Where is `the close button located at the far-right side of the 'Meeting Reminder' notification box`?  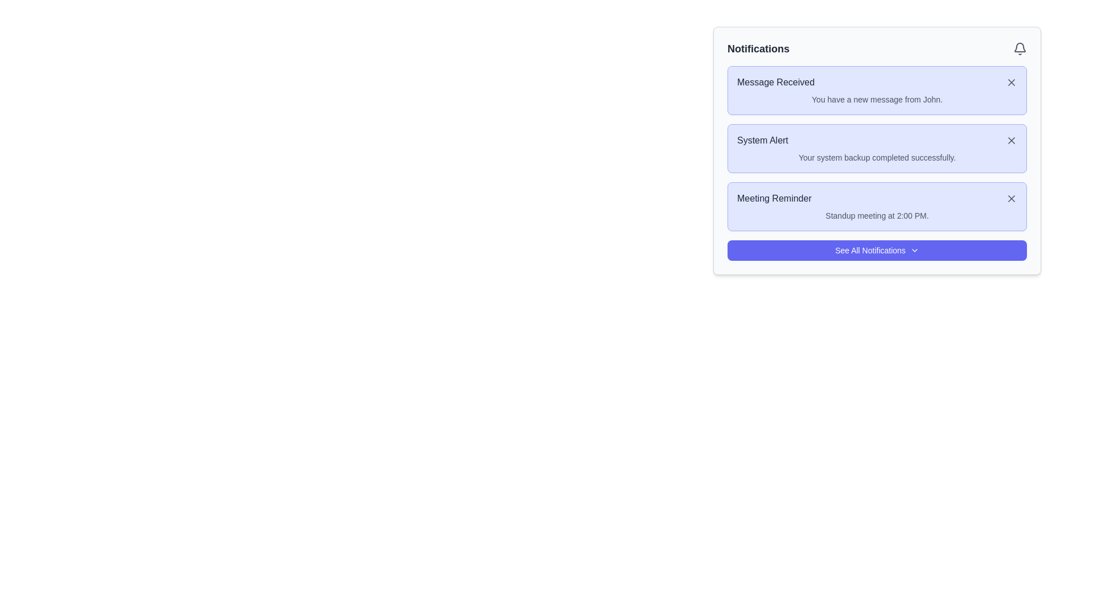
the close button located at the far-right side of the 'Meeting Reminder' notification box is located at coordinates (1011, 198).